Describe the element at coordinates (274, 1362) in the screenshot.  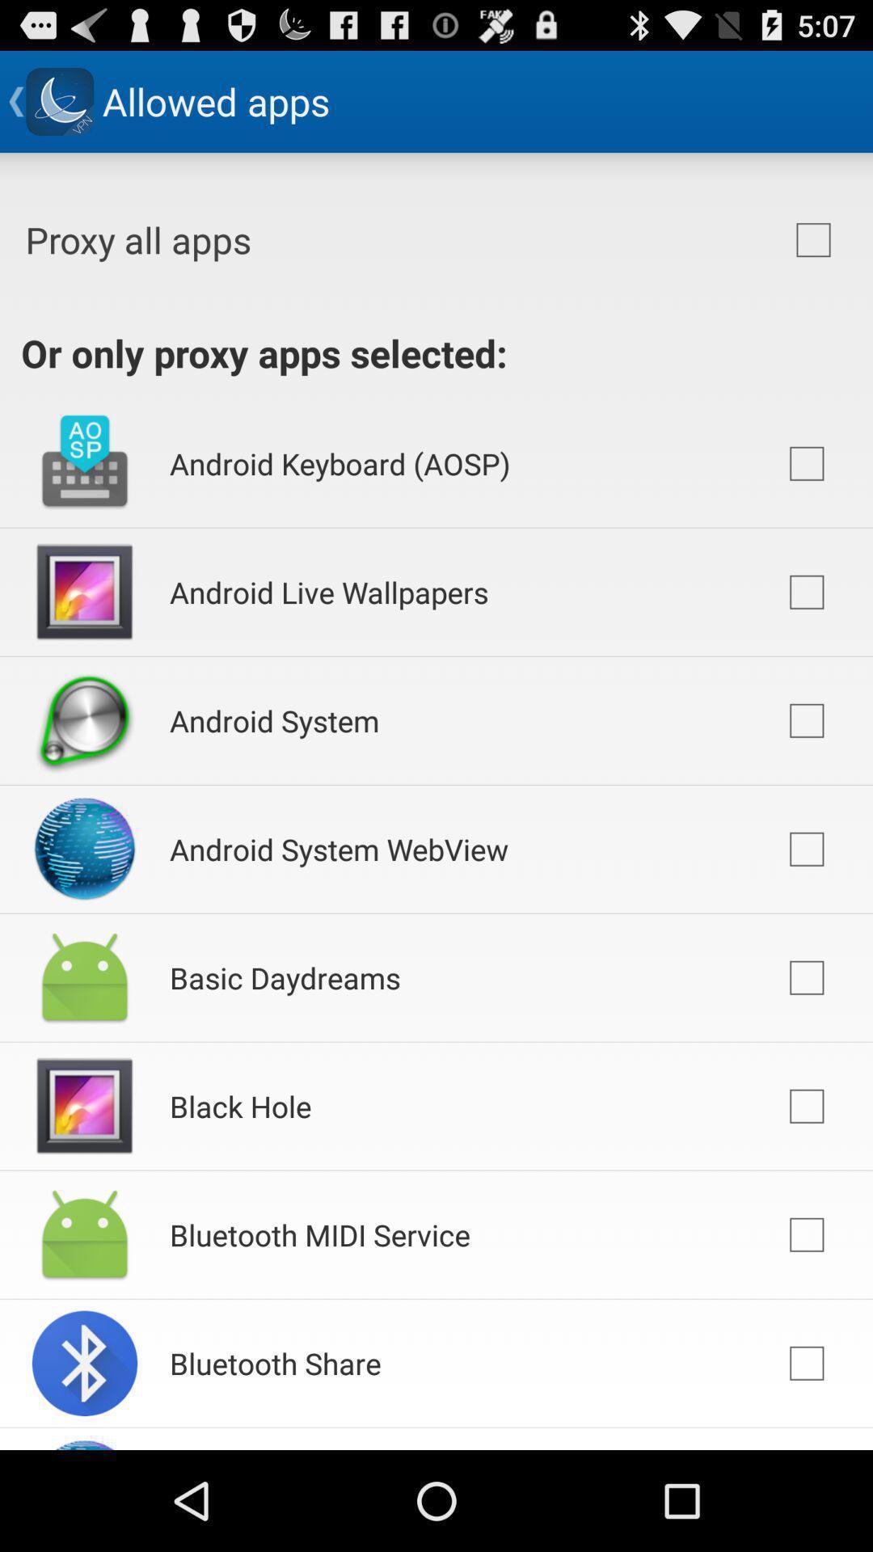
I see `the bluetooth share icon` at that location.